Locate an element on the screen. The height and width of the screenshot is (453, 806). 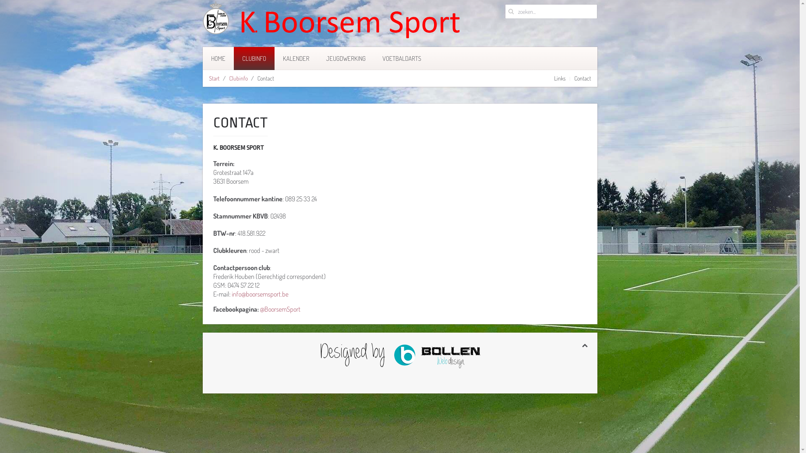
'Links' is located at coordinates (560, 78).